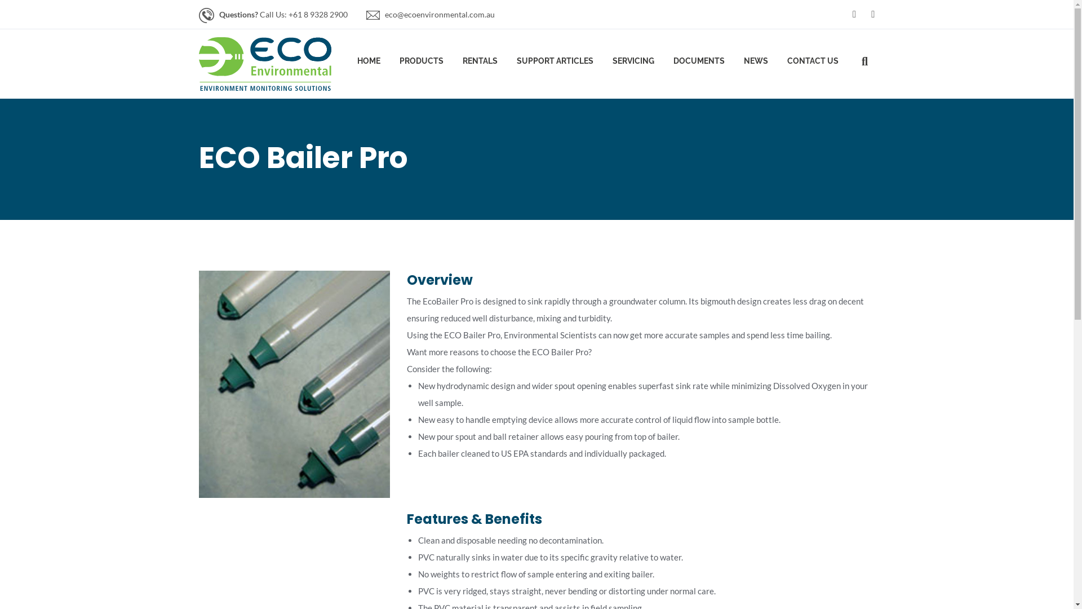 The image size is (1082, 609). What do you see at coordinates (438, 14) in the screenshot?
I see `'eco@ecoenvironmental.com.au'` at bounding box center [438, 14].